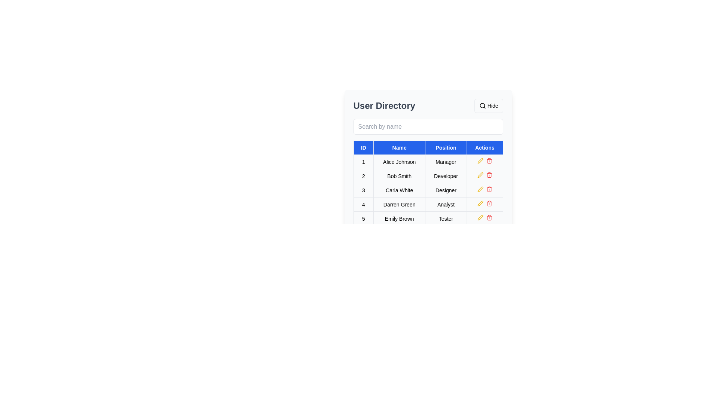 The height and width of the screenshot is (404, 719). What do you see at coordinates (446, 161) in the screenshot?
I see `the 'Manager' label located in the 'Position' column of the table for 'Alice Johnson'` at bounding box center [446, 161].